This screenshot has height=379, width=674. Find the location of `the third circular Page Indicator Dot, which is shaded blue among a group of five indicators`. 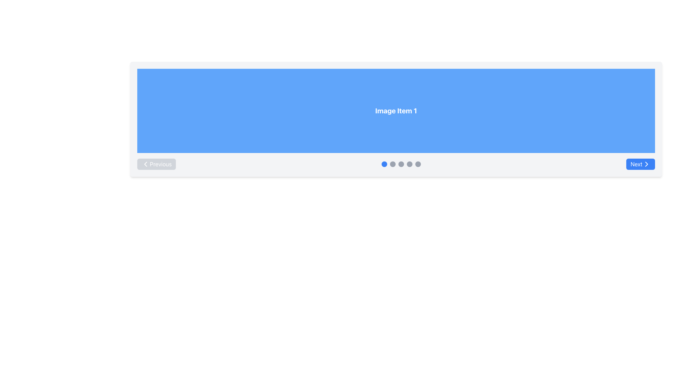

the third circular Page Indicator Dot, which is shaded blue among a group of five indicators is located at coordinates (401, 164).